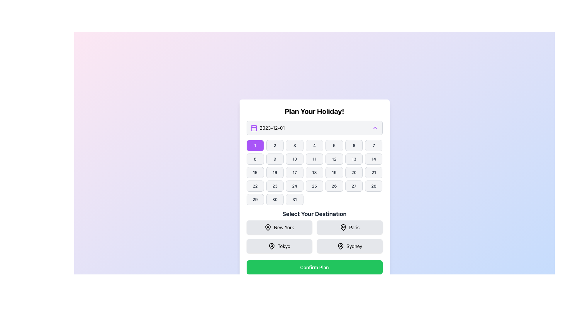 The image size is (563, 317). I want to click on the pin icon located to the left of the 'New York' text in the 'Select Your Destination' section, so click(268, 227).